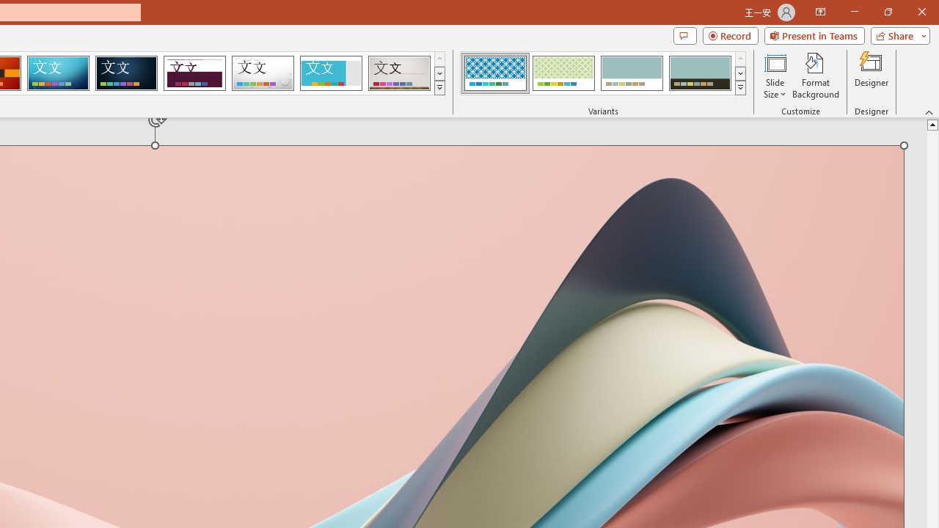 This screenshot has width=939, height=528. What do you see at coordinates (740, 73) in the screenshot?
I see `'Row Down'` at bounding box center [740, 73].